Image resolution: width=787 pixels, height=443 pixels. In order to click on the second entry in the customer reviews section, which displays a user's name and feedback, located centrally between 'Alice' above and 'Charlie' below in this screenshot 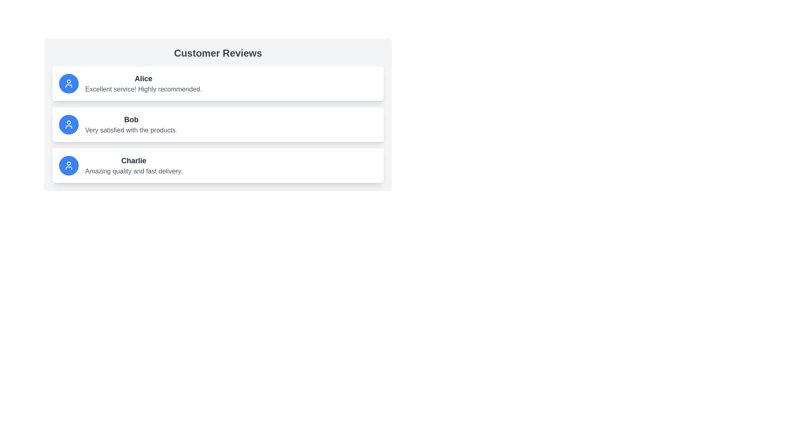, I will do `click(131, 125)`.